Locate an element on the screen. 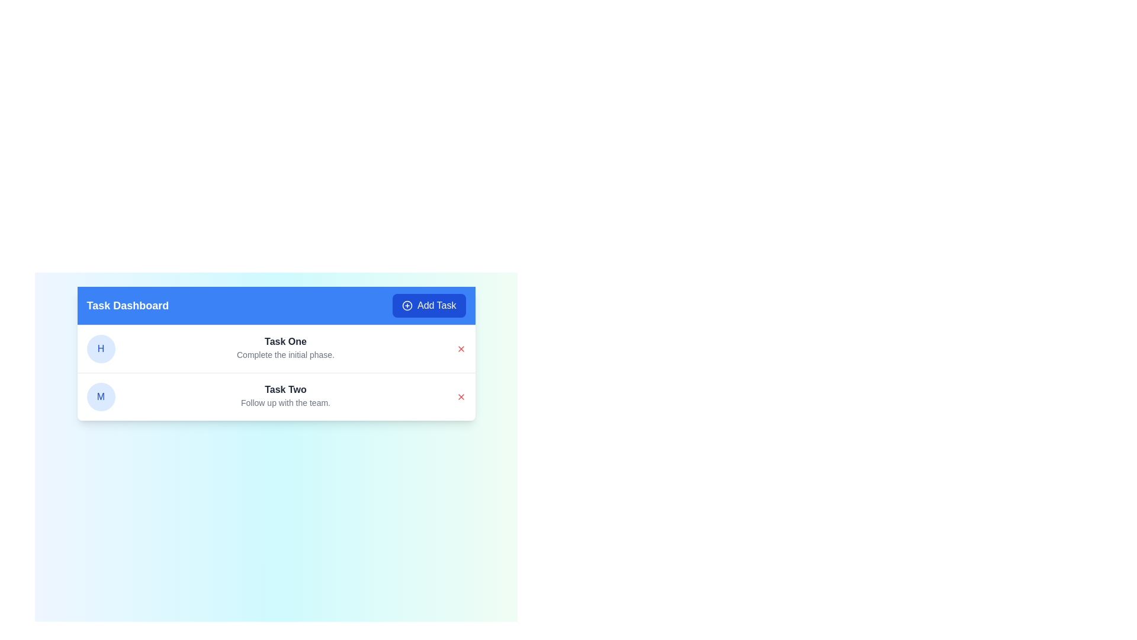 Image resolution: width=1137 pixels, height=640 pixels. the text label displaying 'Follow up with the team.' which is styled in small gray font and located beneath 'Task Two' is located at coordinates (285, 402).